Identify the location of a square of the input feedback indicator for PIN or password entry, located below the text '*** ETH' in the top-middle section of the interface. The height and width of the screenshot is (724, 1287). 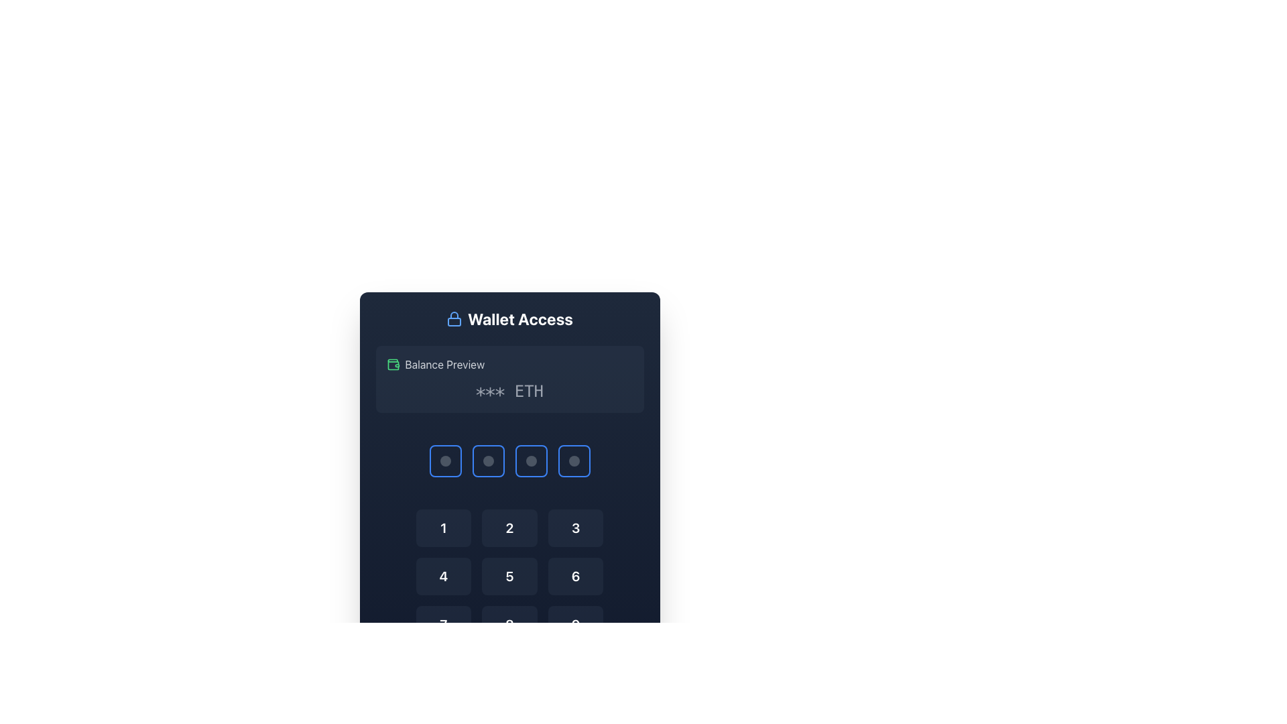
(509, 460).